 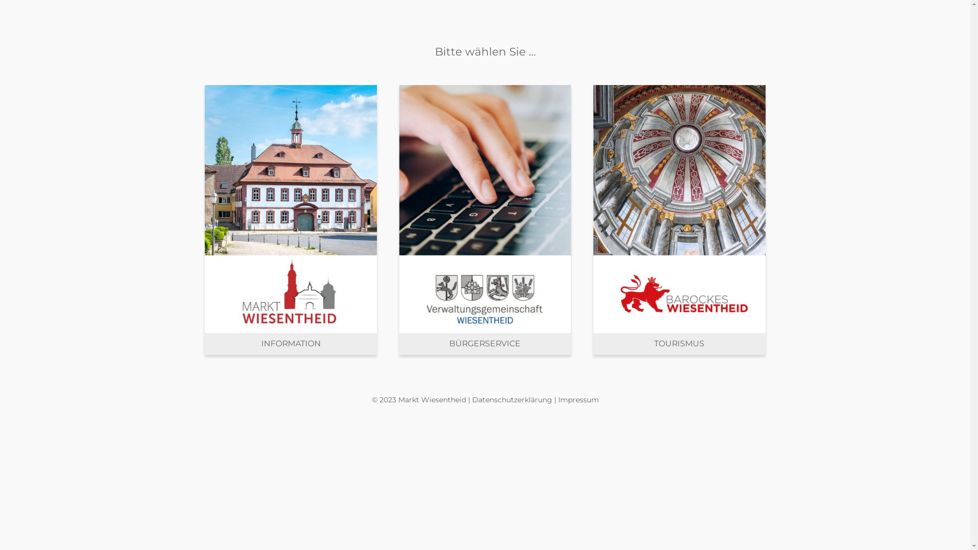 I want to click on 'Impressum', so click(x=579, y=399).